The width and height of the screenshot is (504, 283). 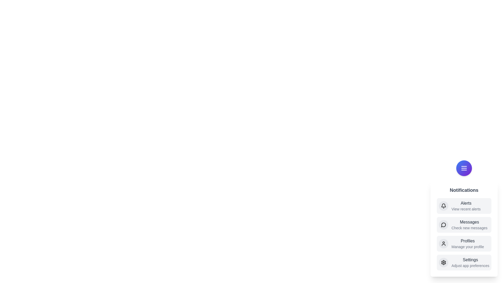 I want to click on the Messages from the menu, so click(x=464, y=224).